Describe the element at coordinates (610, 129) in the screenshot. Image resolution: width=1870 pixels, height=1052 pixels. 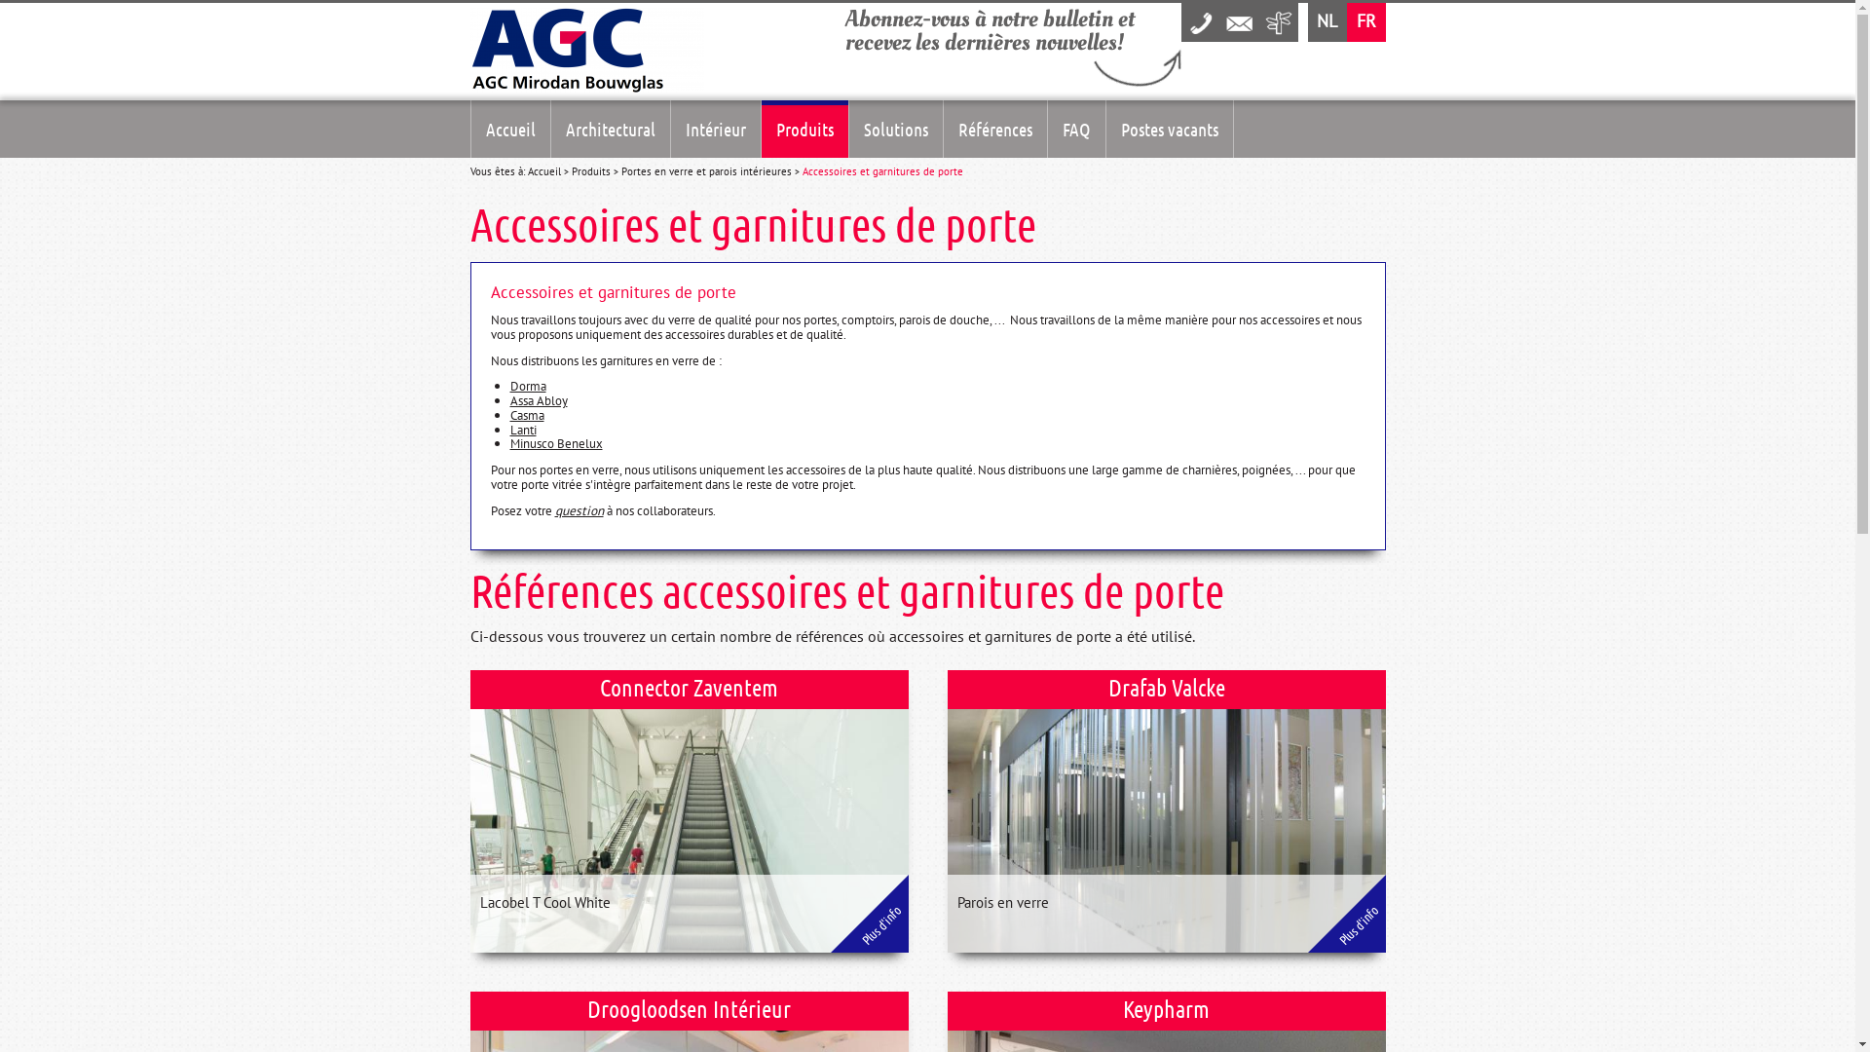
I see `'Architectural'` at that location.